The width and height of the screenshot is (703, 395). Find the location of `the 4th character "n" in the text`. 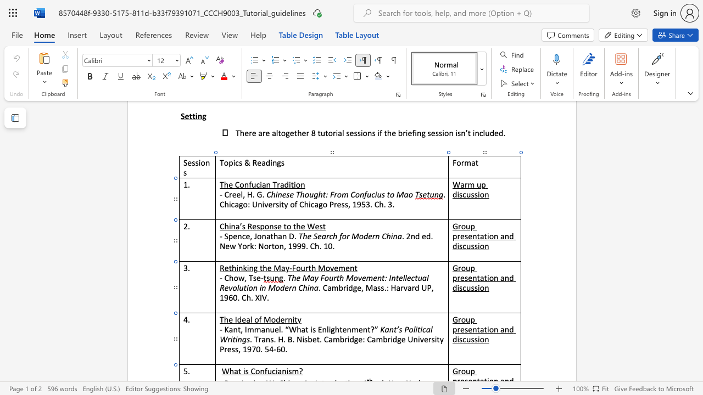

the 4th character "n" in the text is located at coordinates (486, 338).